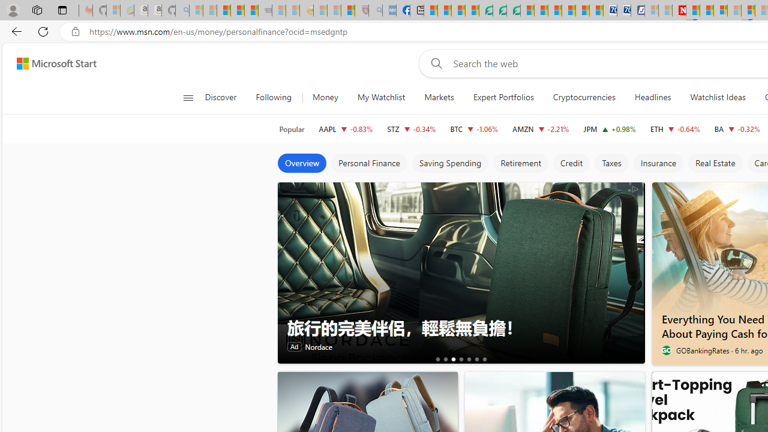  I want to click on 'ETH Ethereum decrease 2,624.30 -16.80 -0.64%', so click(675, 128).